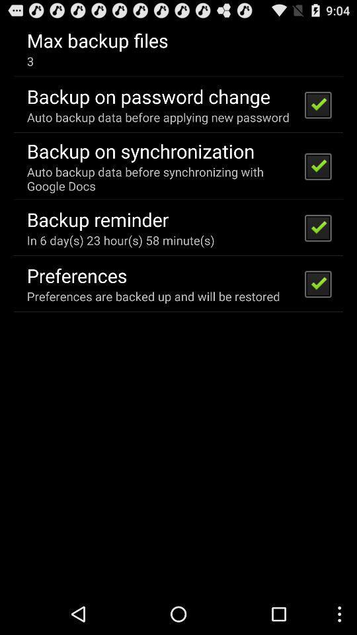 The height and width of the screenshot is (635, 357). Describe the element at coordinates (153, 296) in the screenshot. I see `preferences are backed icon` at that location.